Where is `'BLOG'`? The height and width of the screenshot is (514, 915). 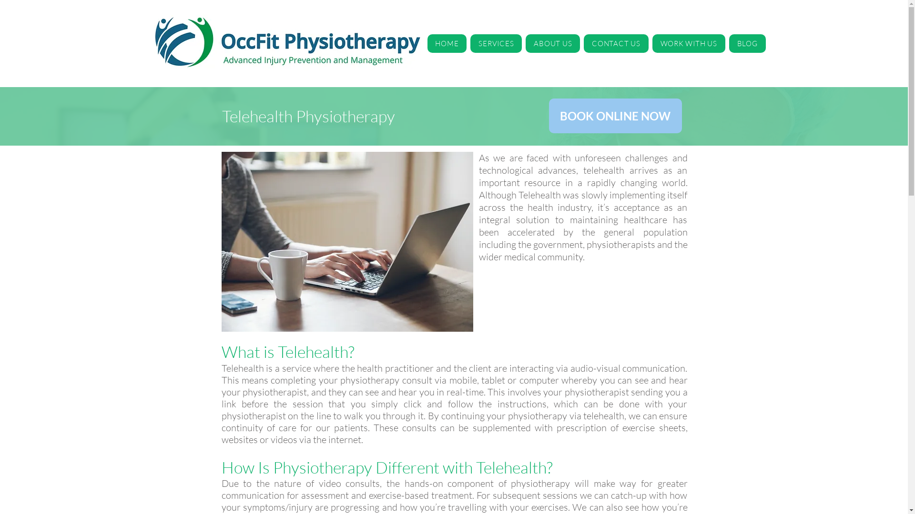 'BLOG' is located at coordinates (747, 43).